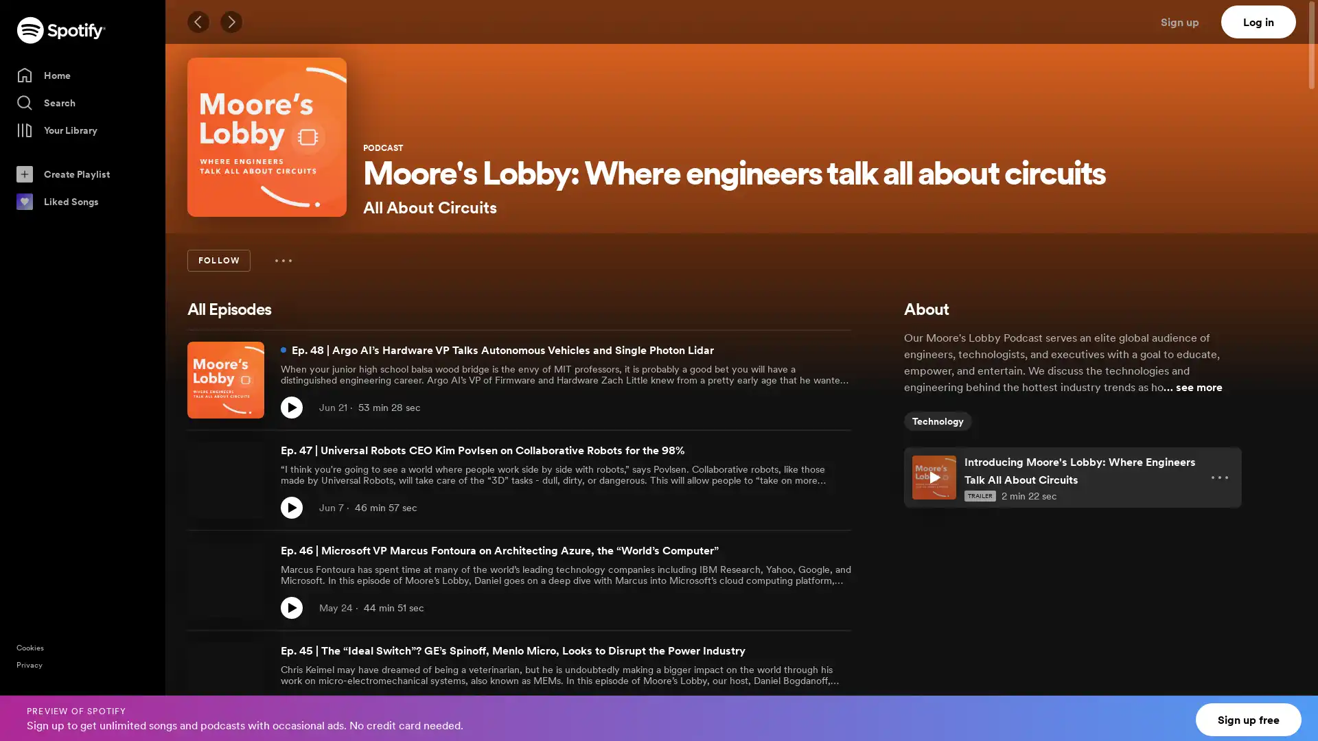 This screenshot has width=1318, height=741. What do you see at coordinates (291, 708) in the screenshot?
I see `Play Ep. 45 | The Ideal Switch? GEs Spinoff, Menlo Micro, Looks to Disrupt the Power Industry by Moore's Lobby: Where engineers talk all about circuits` at bounding box center [291, 708].